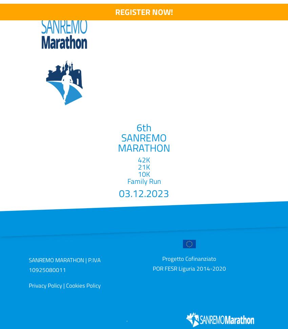 The image size is (288, 329). I want to click on 'SANREMO', so click(144, 137).